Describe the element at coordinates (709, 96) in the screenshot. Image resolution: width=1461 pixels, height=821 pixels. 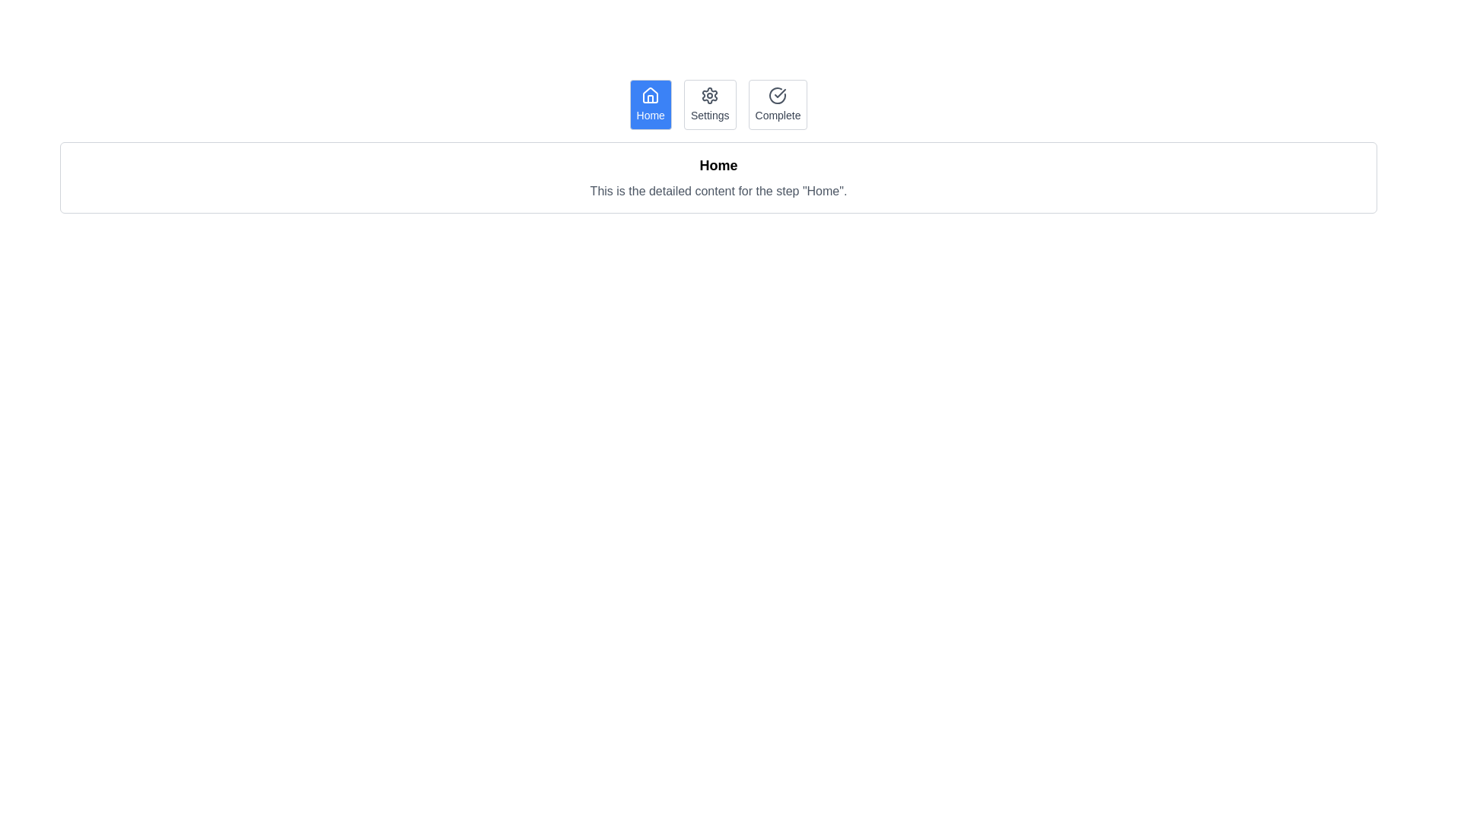
I see `the settings gear icon, which is located in the second tab of three tabs labeled 'Home', 'Settings', and 'Complete'` at that location.